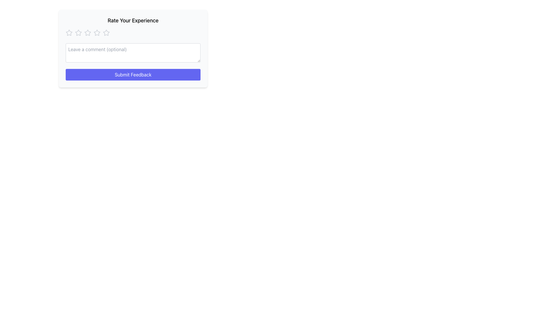 This screenshot has height=314, width=558. Describe the element at coordinates (69, 33) in the screenshot. I see `the first star icon in the rating system to indicate a single-star rating` at that location.